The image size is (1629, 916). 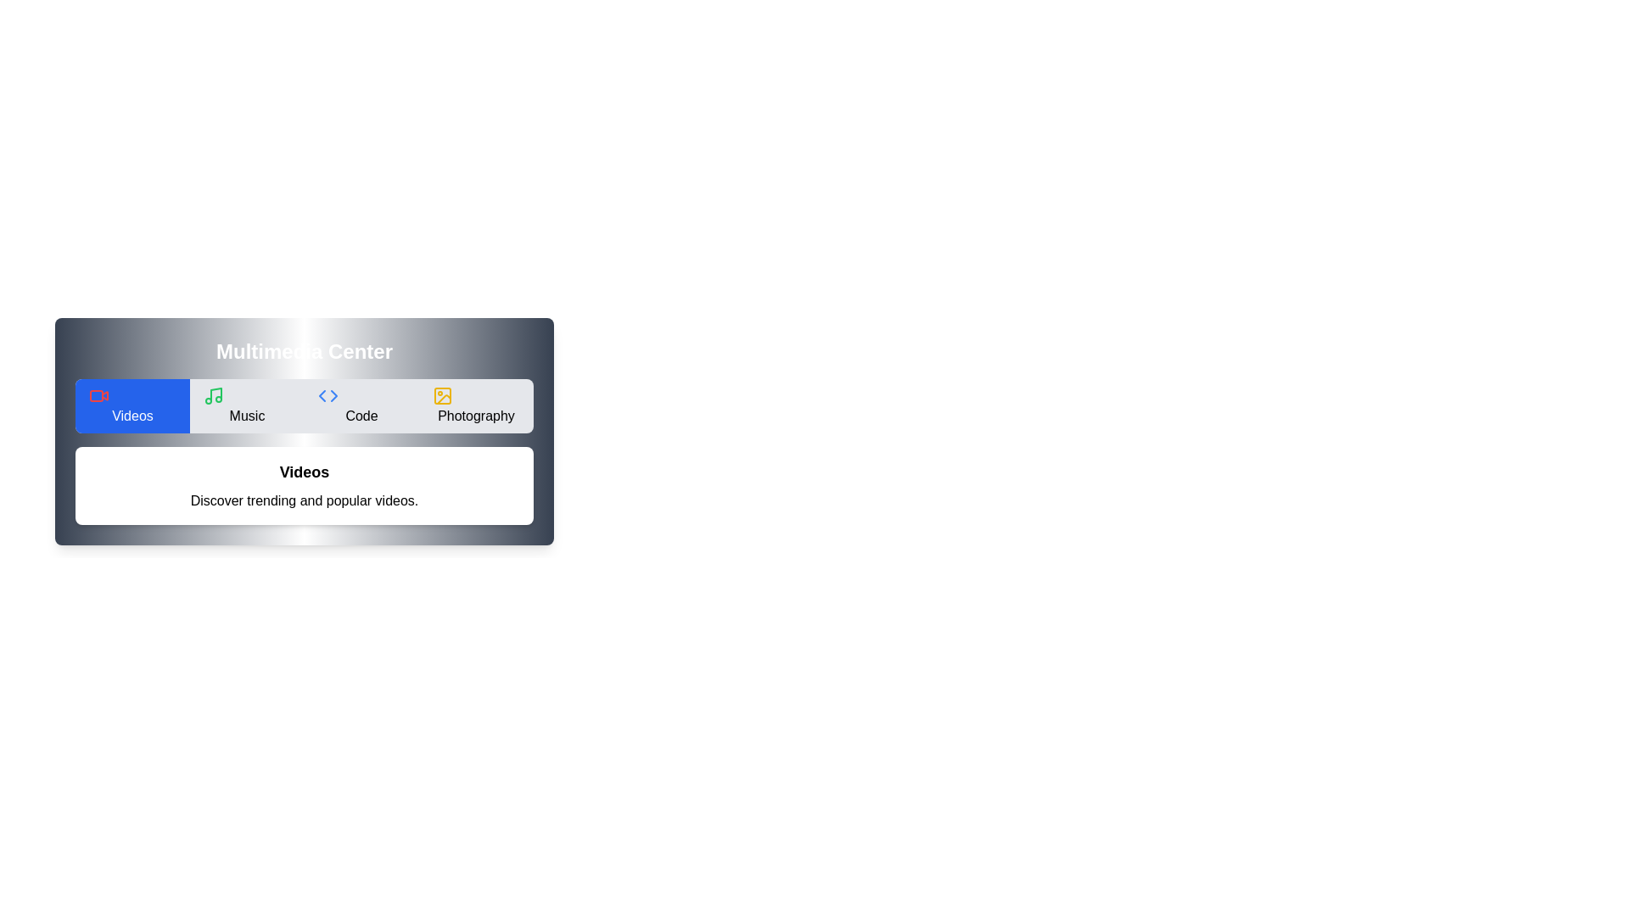 I want to click on the Photography tab, so click(x=475, y=405).